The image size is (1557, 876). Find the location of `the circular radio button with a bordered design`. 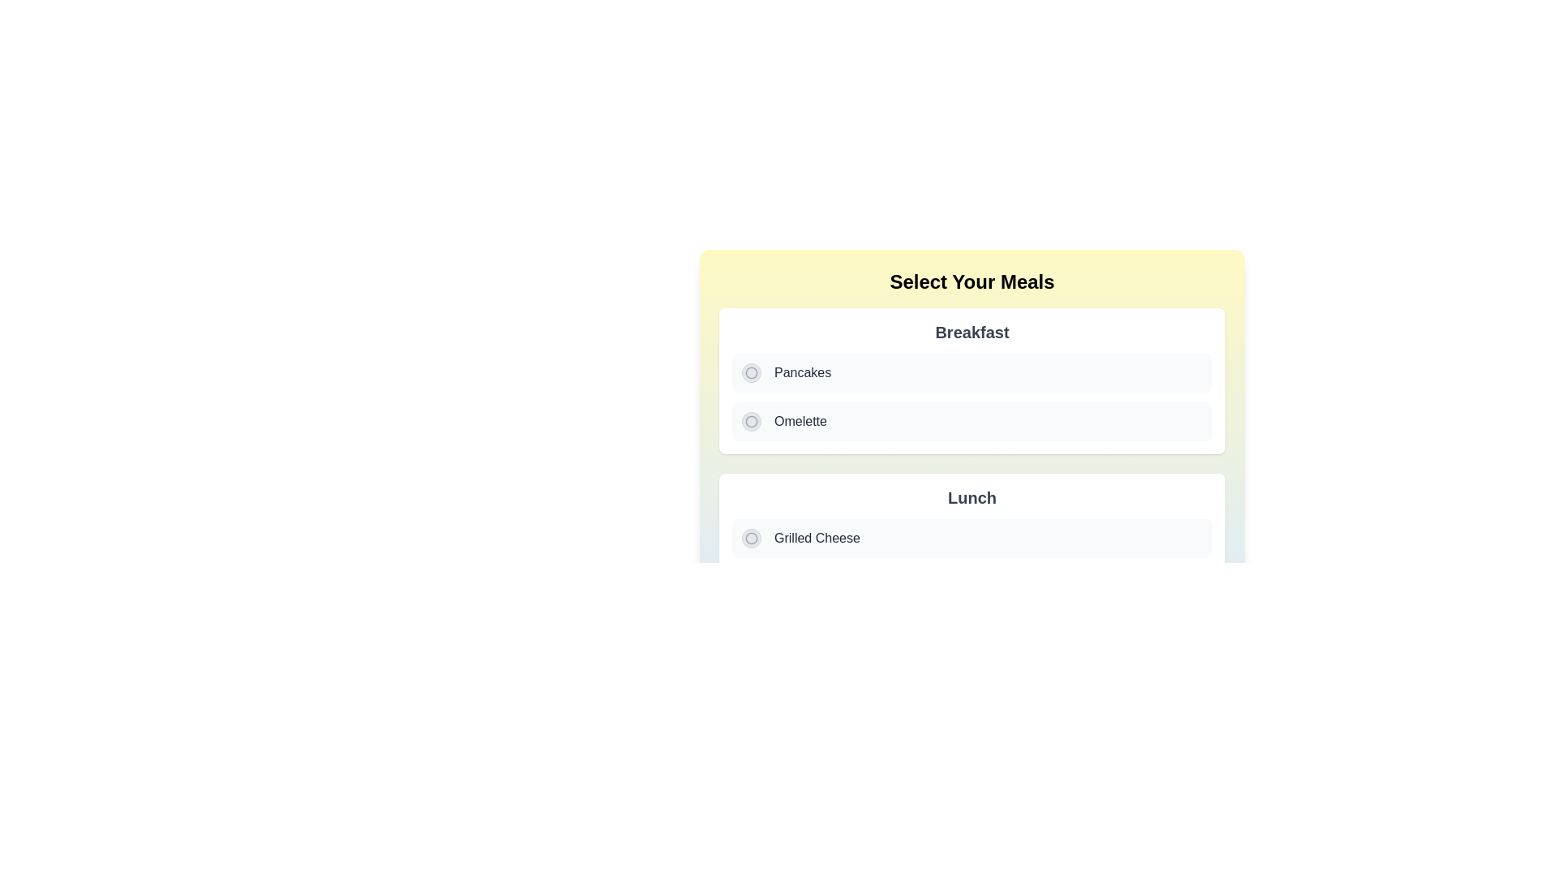

the circular radio button with a bordered design is located at coordinates (750, 538).